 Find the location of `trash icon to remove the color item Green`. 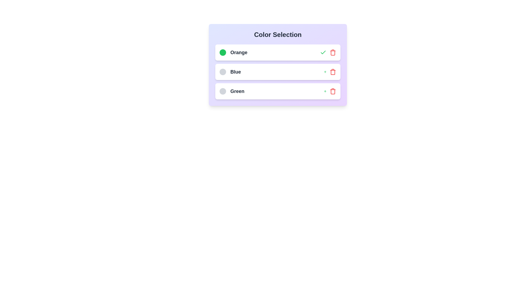

trash icon to remove the color item Green is located at coordinates (332, 91).